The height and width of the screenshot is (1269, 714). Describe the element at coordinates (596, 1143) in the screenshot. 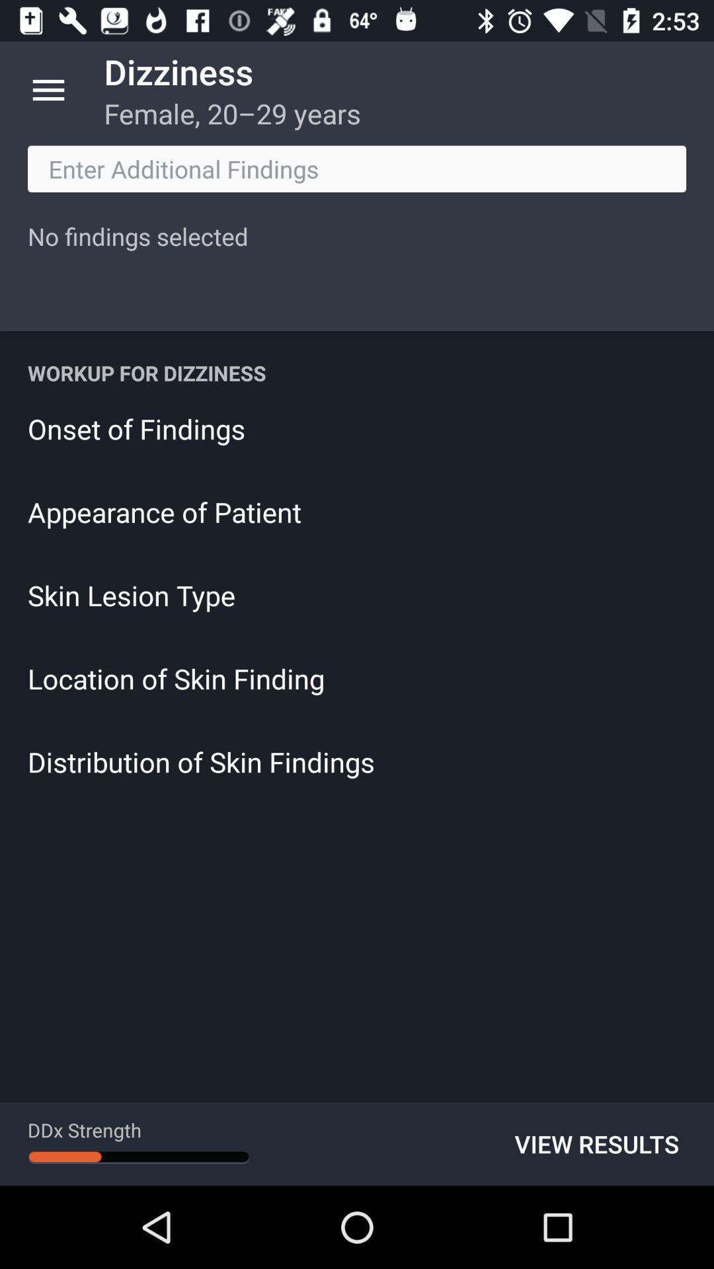

I see `the item below distribution of skin icon` at that location.